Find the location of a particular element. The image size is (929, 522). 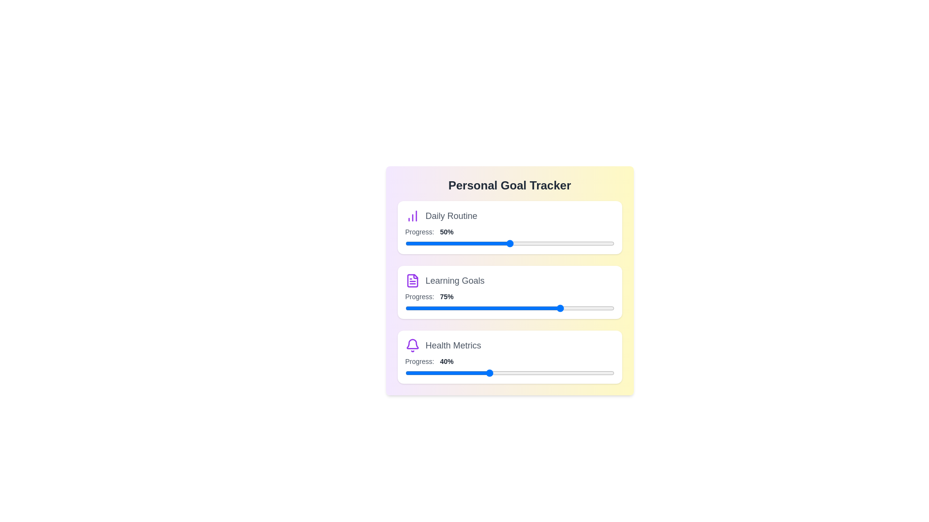

the icon corresponding to Health Metrics is located at coordinates (412, 345).